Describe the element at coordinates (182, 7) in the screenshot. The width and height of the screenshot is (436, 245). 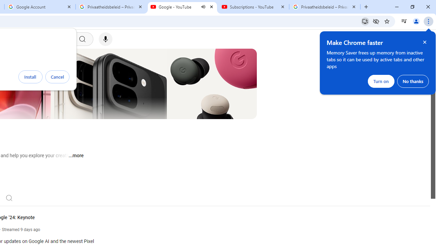
I see `'Google - YouTube - Audio playing'` at that location.